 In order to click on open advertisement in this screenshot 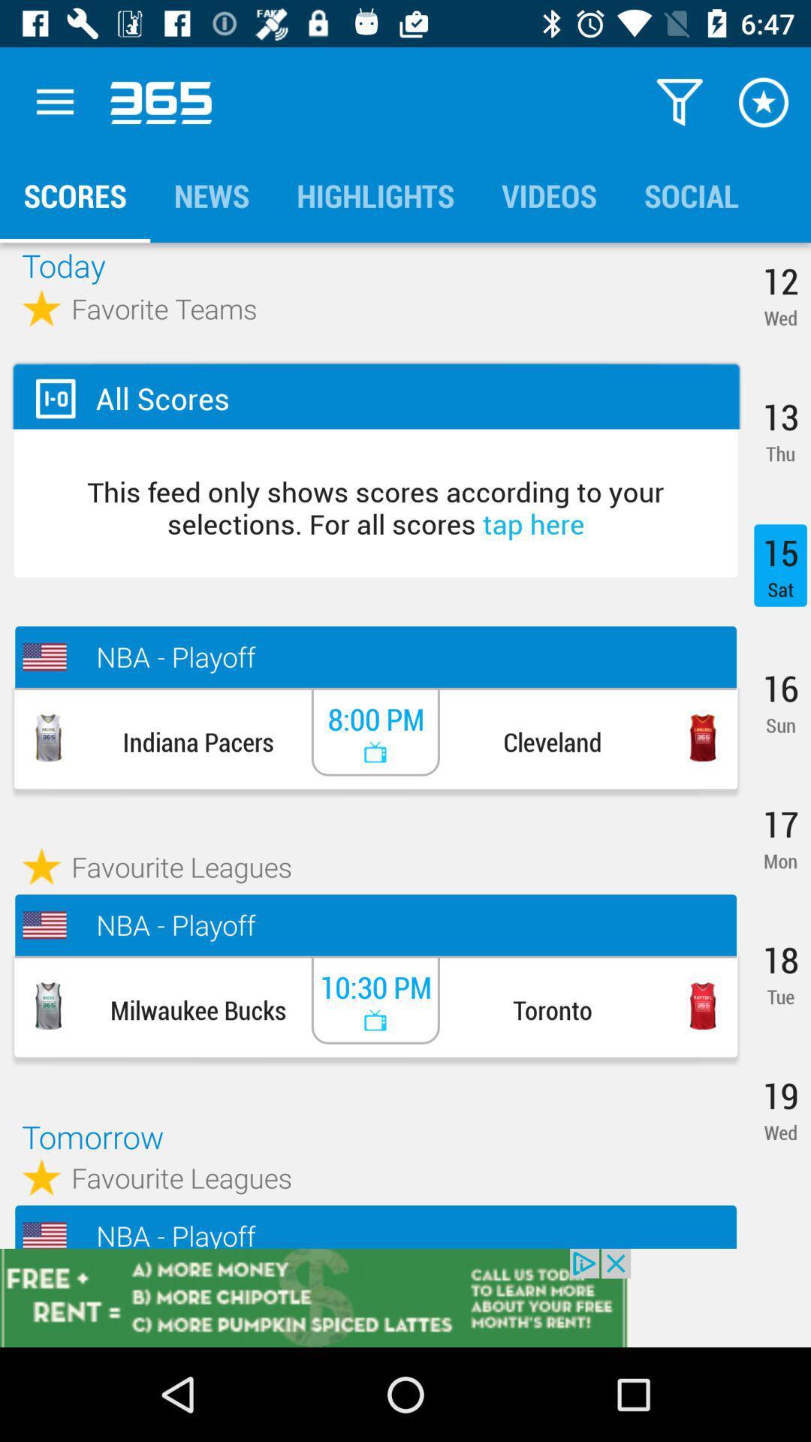, I will do `click(405, 1297)`.